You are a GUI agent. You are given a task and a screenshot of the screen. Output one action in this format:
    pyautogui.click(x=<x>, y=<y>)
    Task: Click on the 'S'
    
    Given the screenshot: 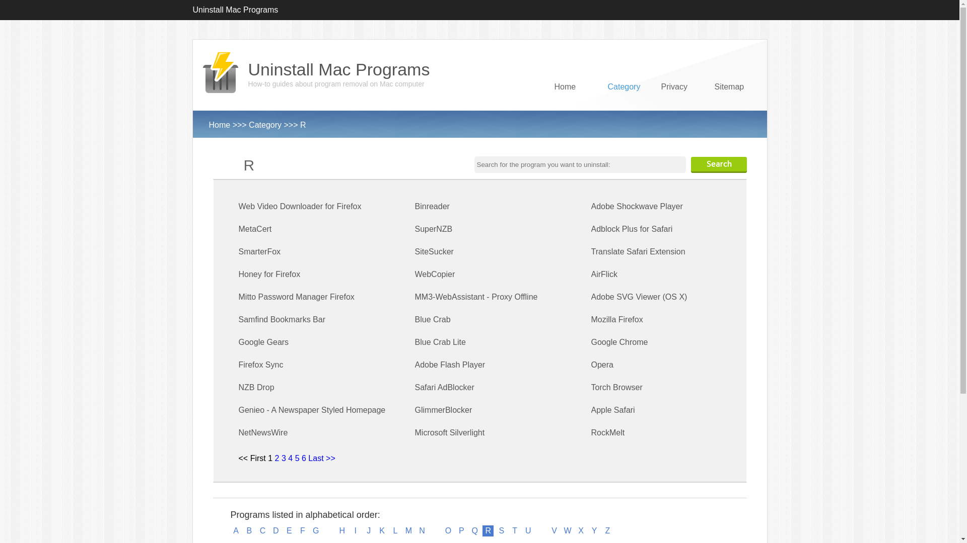 What is the action you would take?
    pyautogui.click(x=502, y=530)
    